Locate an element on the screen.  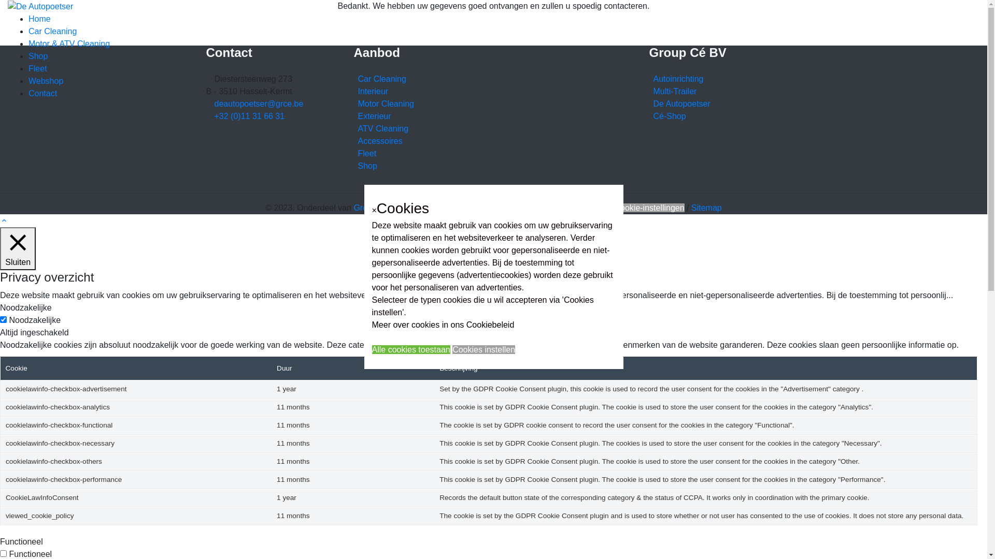
'Autoinrichting' is located at coordinates (676, 78).